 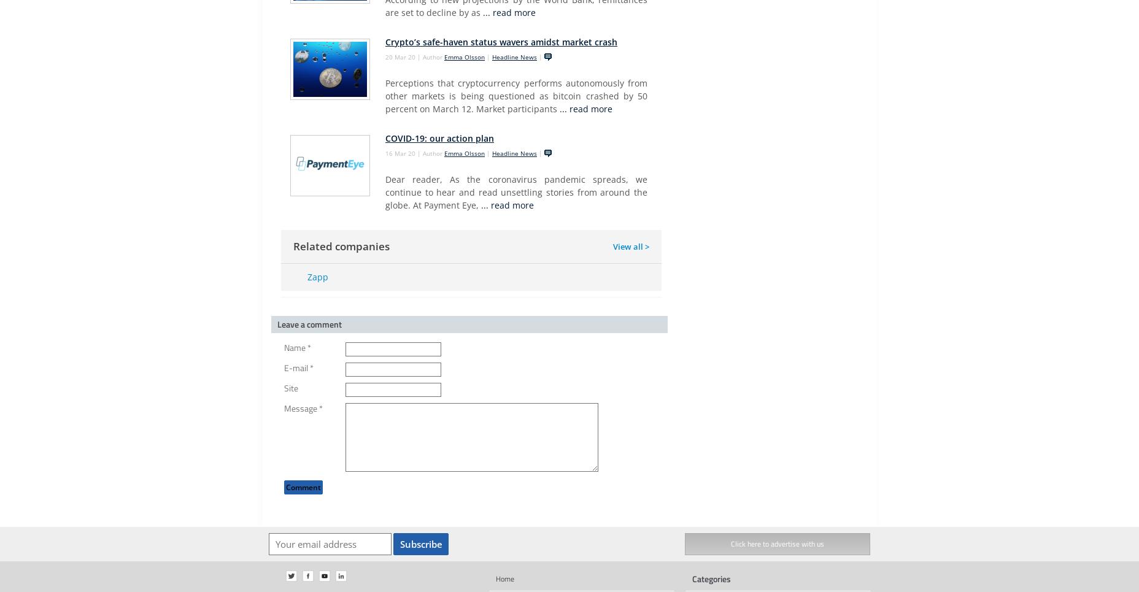 I want to click on 'Related companies', so click(x=292, y=245).